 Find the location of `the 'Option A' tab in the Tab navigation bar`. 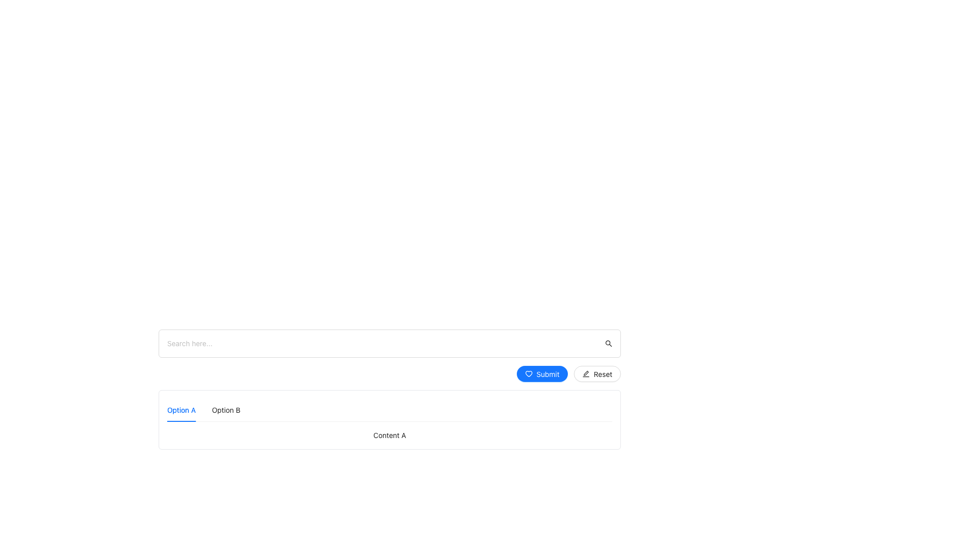

the 'Option A' tab in the Tab navigation bar is located at coordinates (203, 410).